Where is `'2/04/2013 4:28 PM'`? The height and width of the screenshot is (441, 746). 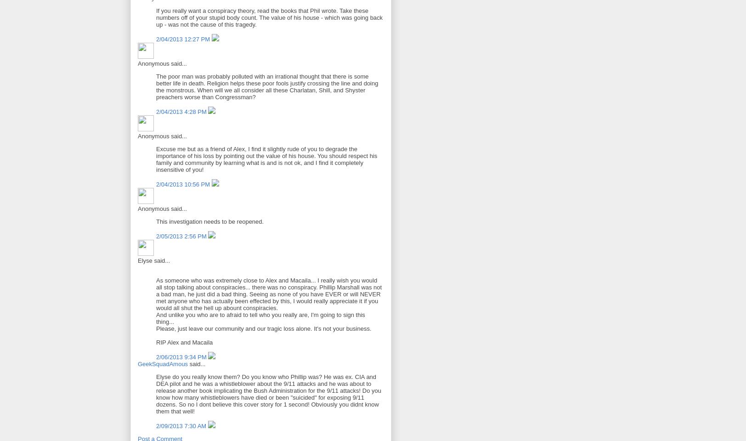
'2/04/2013 4:28 PM' is located at coordinates (182, 111).